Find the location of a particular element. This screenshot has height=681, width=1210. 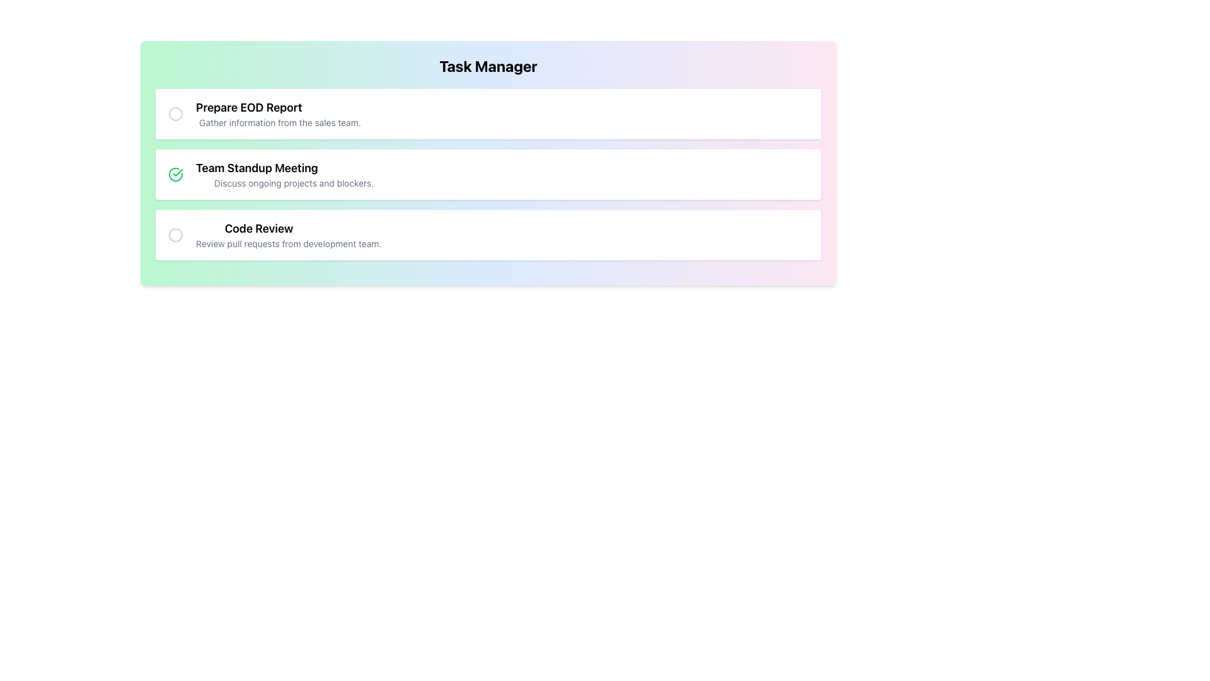

the text snippet that reads 'Gather information from the sales team.' located beneath the title 'Prepare EOD Report' in the task list is located at coordinates (279, 123).